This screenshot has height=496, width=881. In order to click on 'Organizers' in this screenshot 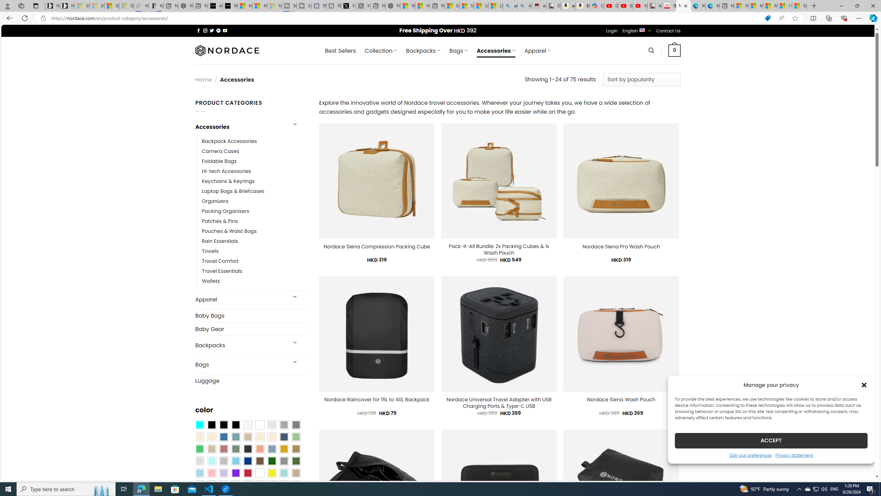, I will do `click(214, 201)`.